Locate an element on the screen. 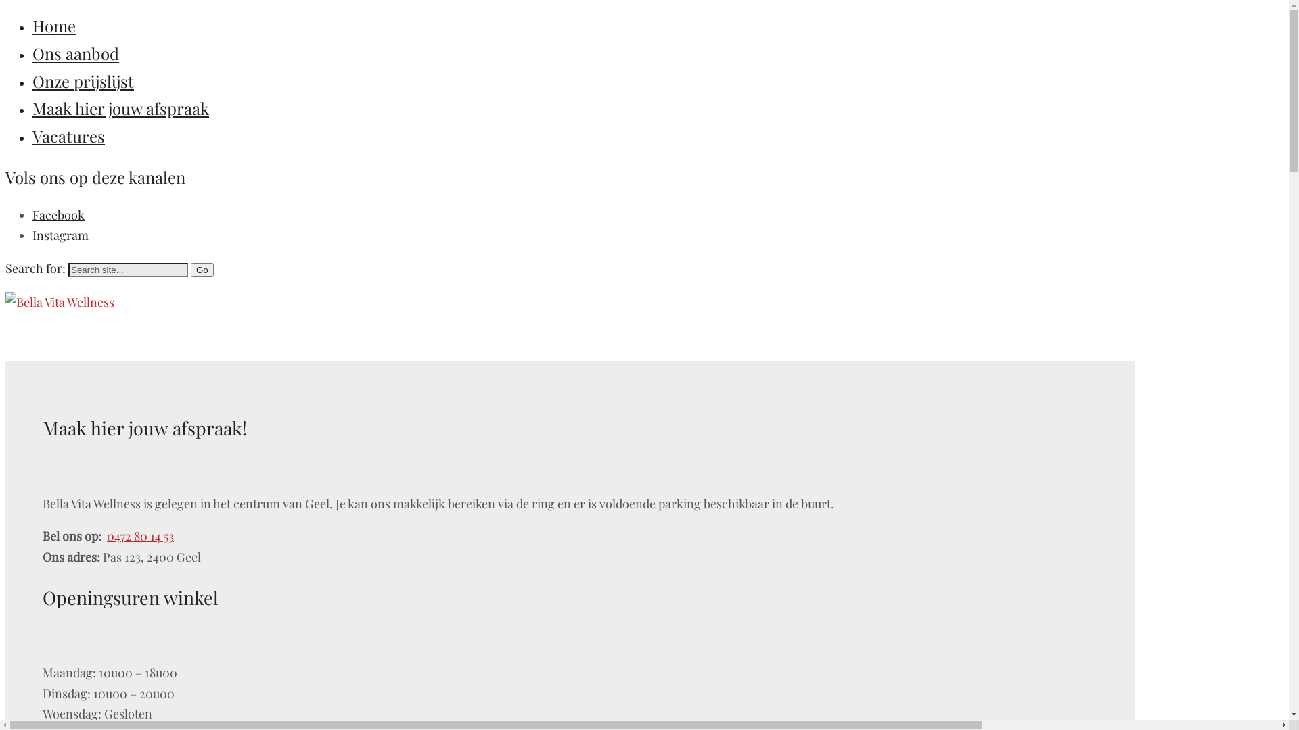  'Go' is located at coordinates (190, 270).